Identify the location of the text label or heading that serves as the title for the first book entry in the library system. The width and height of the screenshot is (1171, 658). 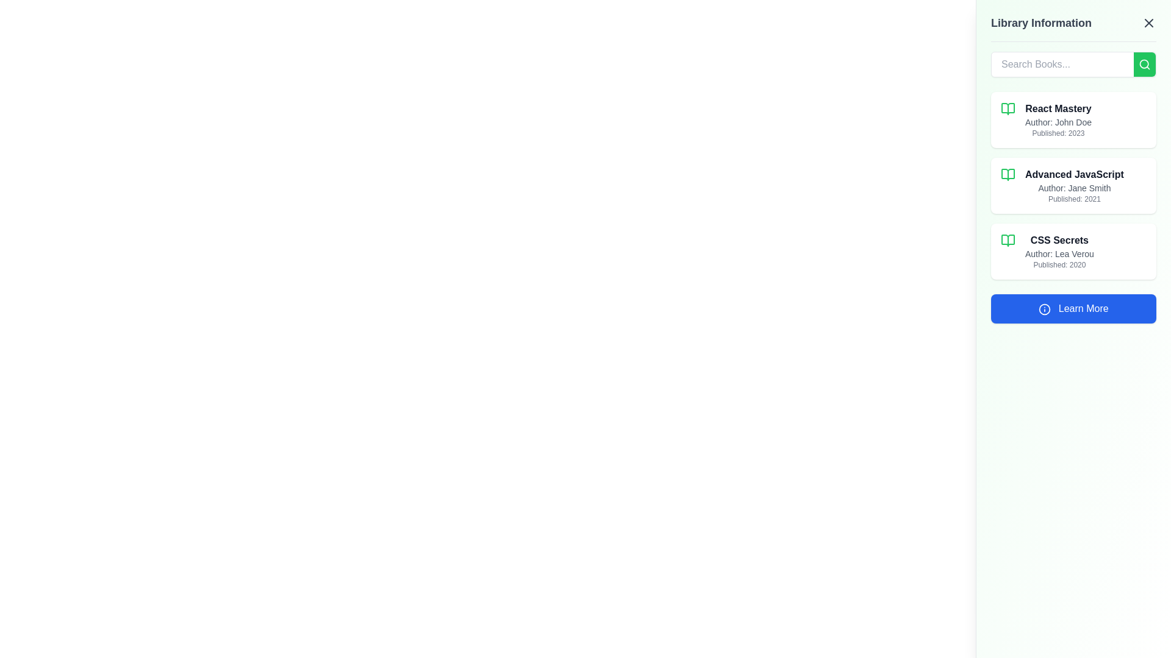
(1058, 108).